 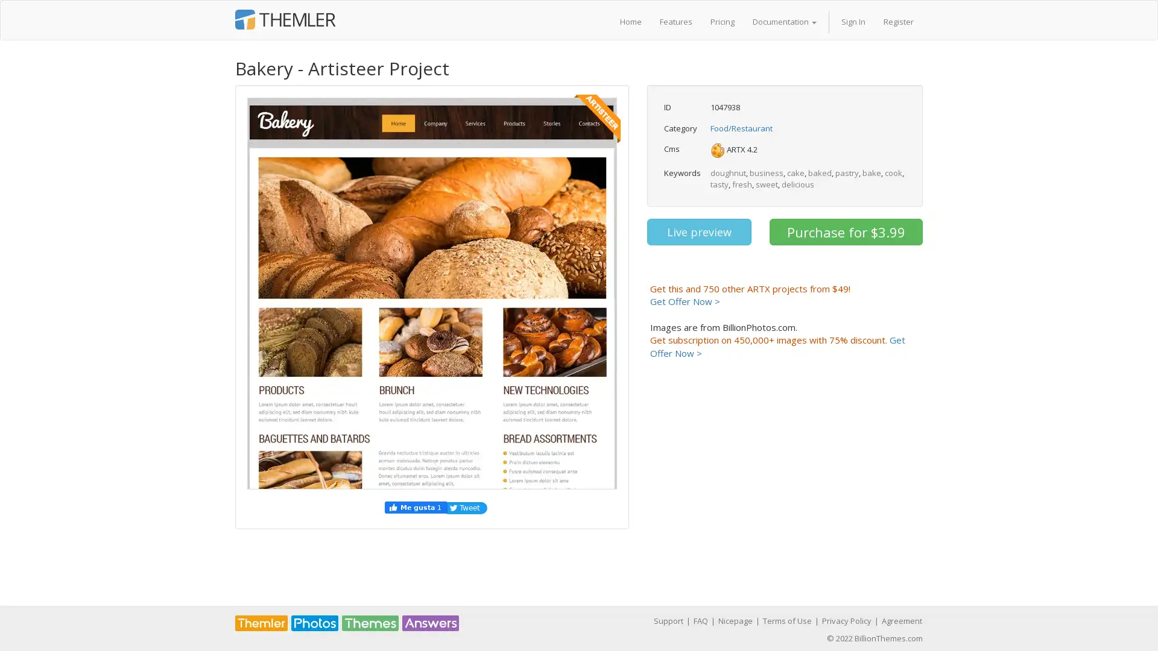 What do you see at coordinates (784, 21) in the screenshot?
I see `Documentation` at bounding box center [784, 21].